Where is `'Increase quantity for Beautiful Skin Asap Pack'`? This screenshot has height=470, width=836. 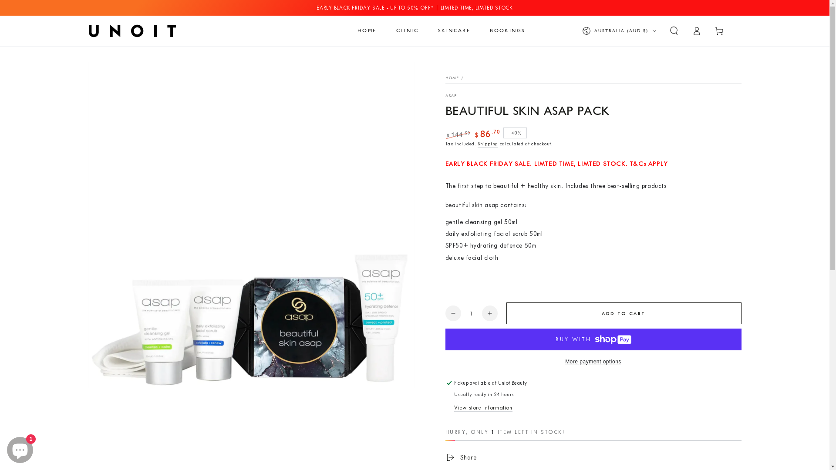 'Increase quantity for Beautiful Skin Asap Pack' is located at coordinates (489, 313).